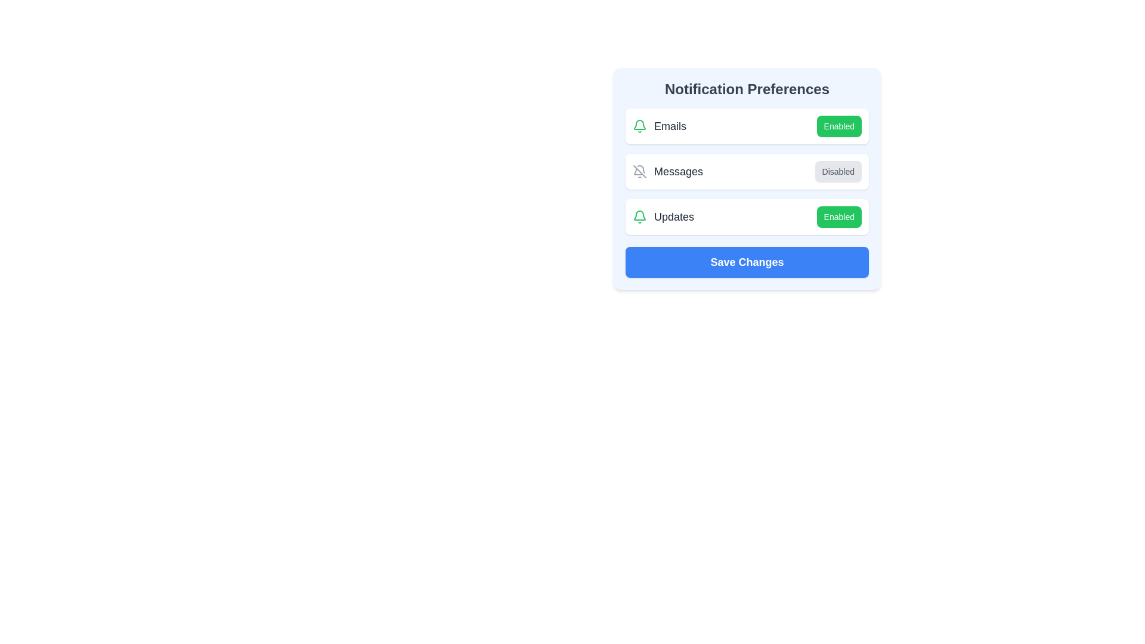 This screenshot has height=644, width=1145. I want to click on 'Enabled' button for Emails to toggle its state, so click(838, 126).